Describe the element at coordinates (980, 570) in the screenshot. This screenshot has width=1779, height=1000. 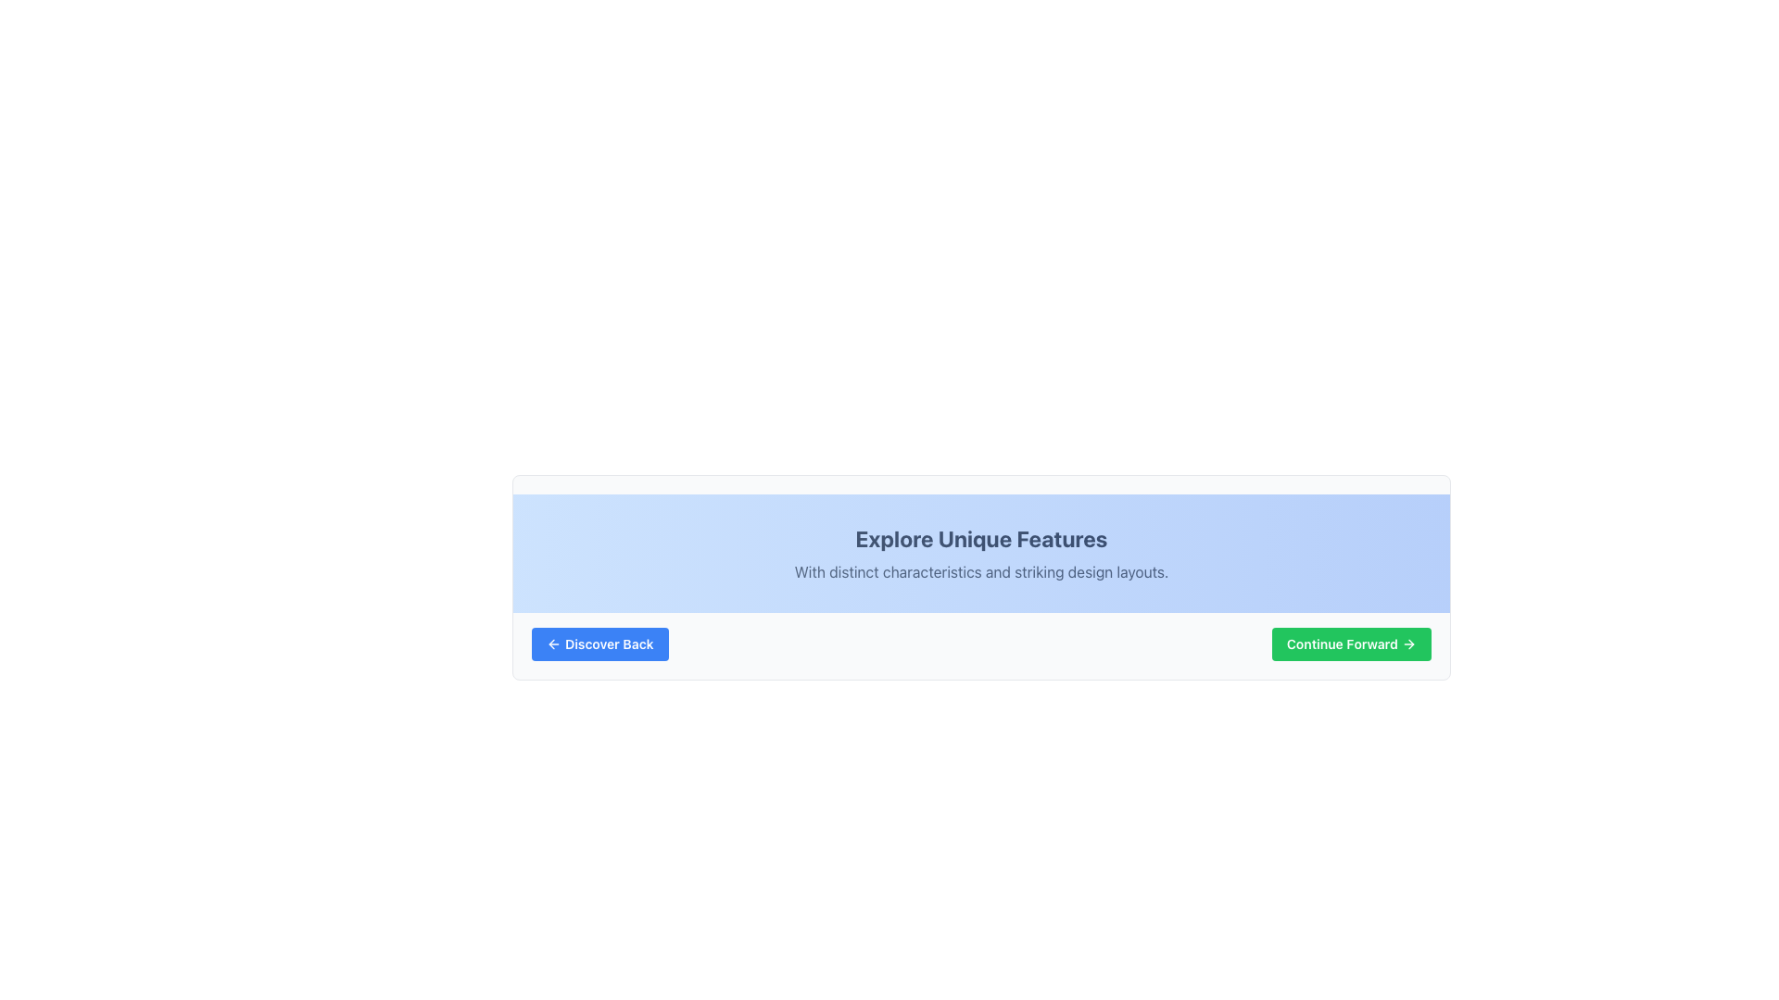
I see `the line of text that reads 'With distinct characteristics and striking design layouts.' which is styled in light gray and positioned below the bold headline 'Explore Unique Features' within a blue background section` at that location.